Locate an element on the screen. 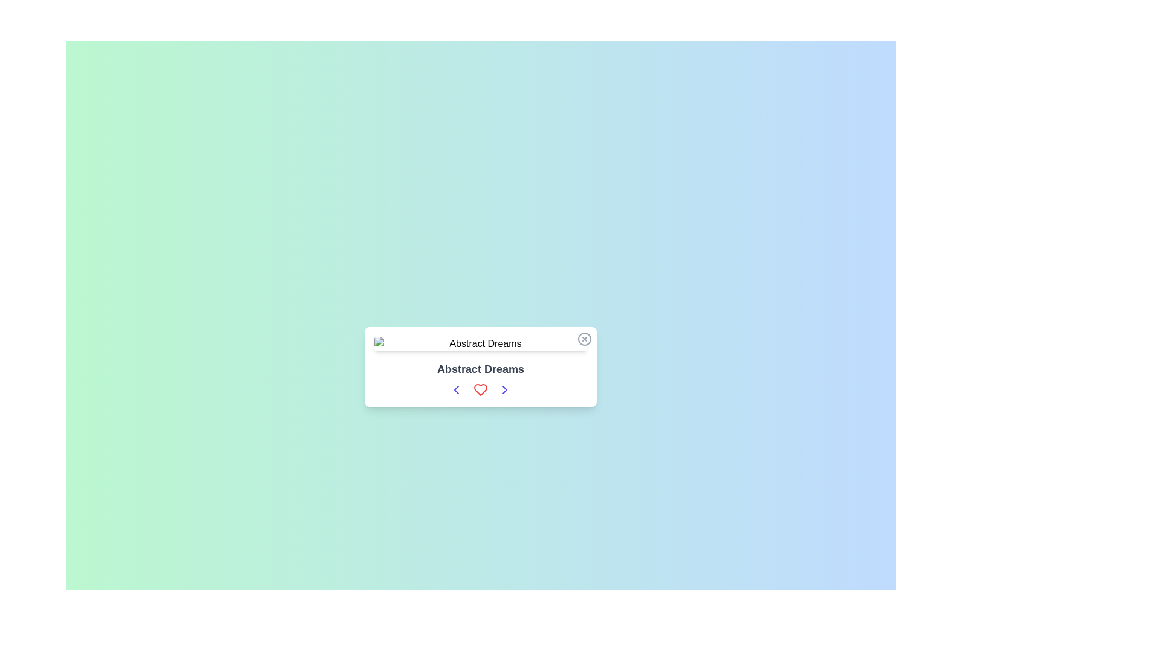  the heart-shaped vector graphics icon is located at coordinates (480, 389).